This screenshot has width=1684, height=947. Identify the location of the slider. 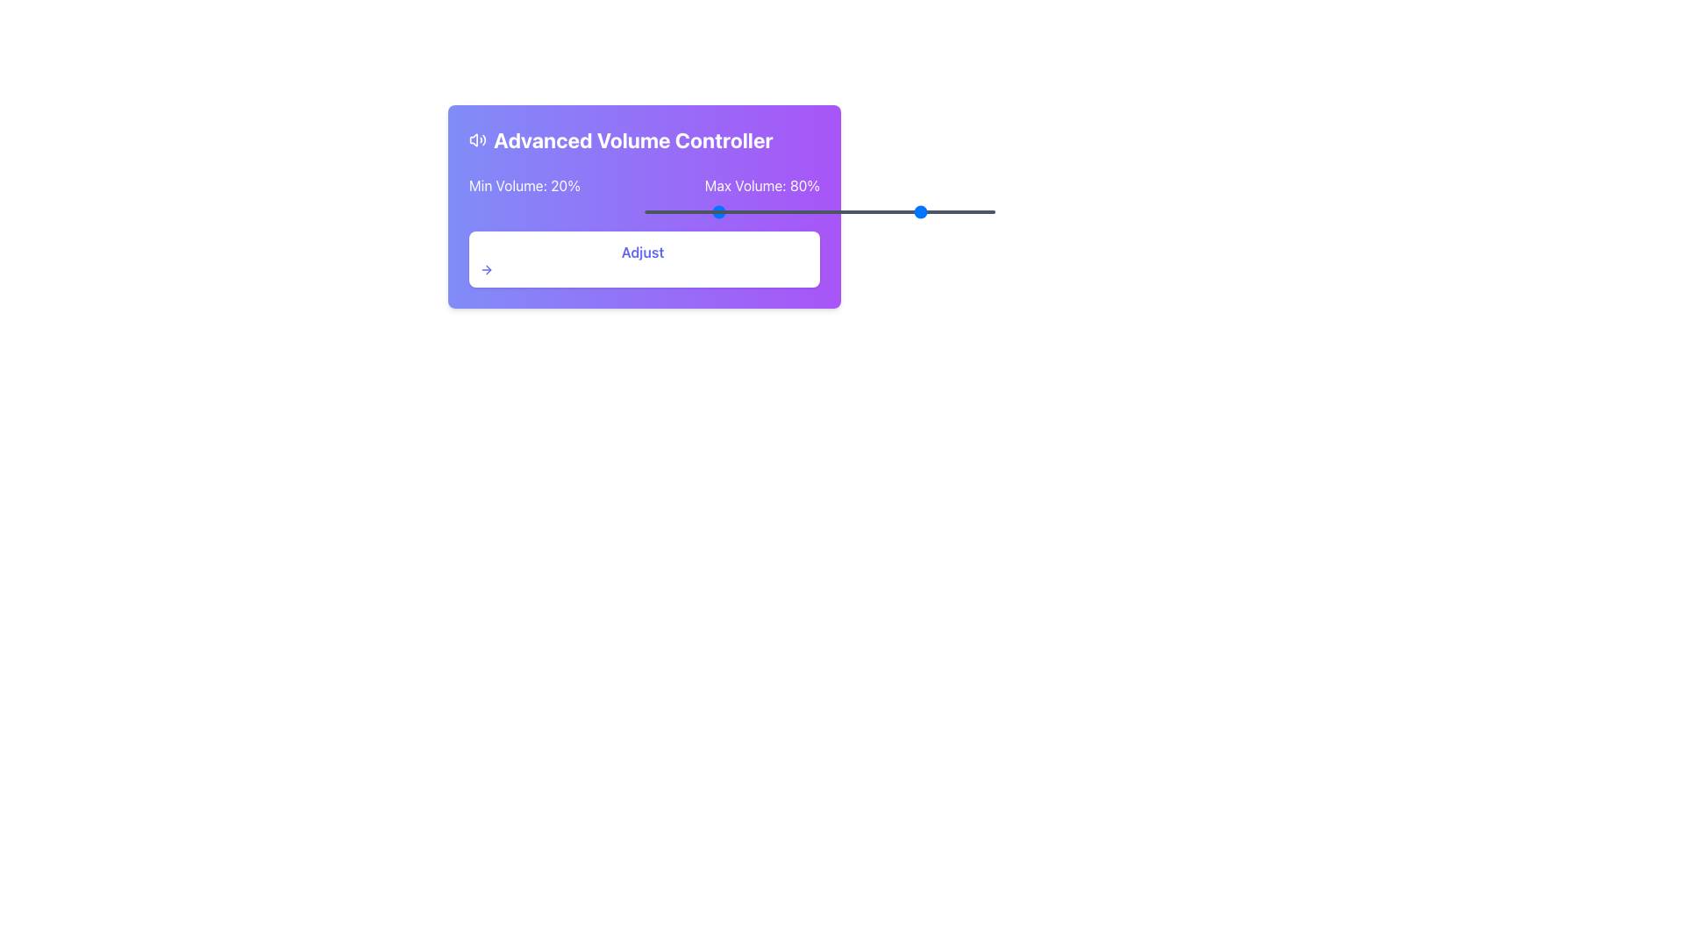
(845, 211).